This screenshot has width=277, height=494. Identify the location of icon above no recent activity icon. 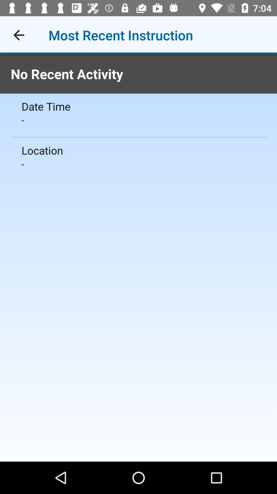
(18, 35).